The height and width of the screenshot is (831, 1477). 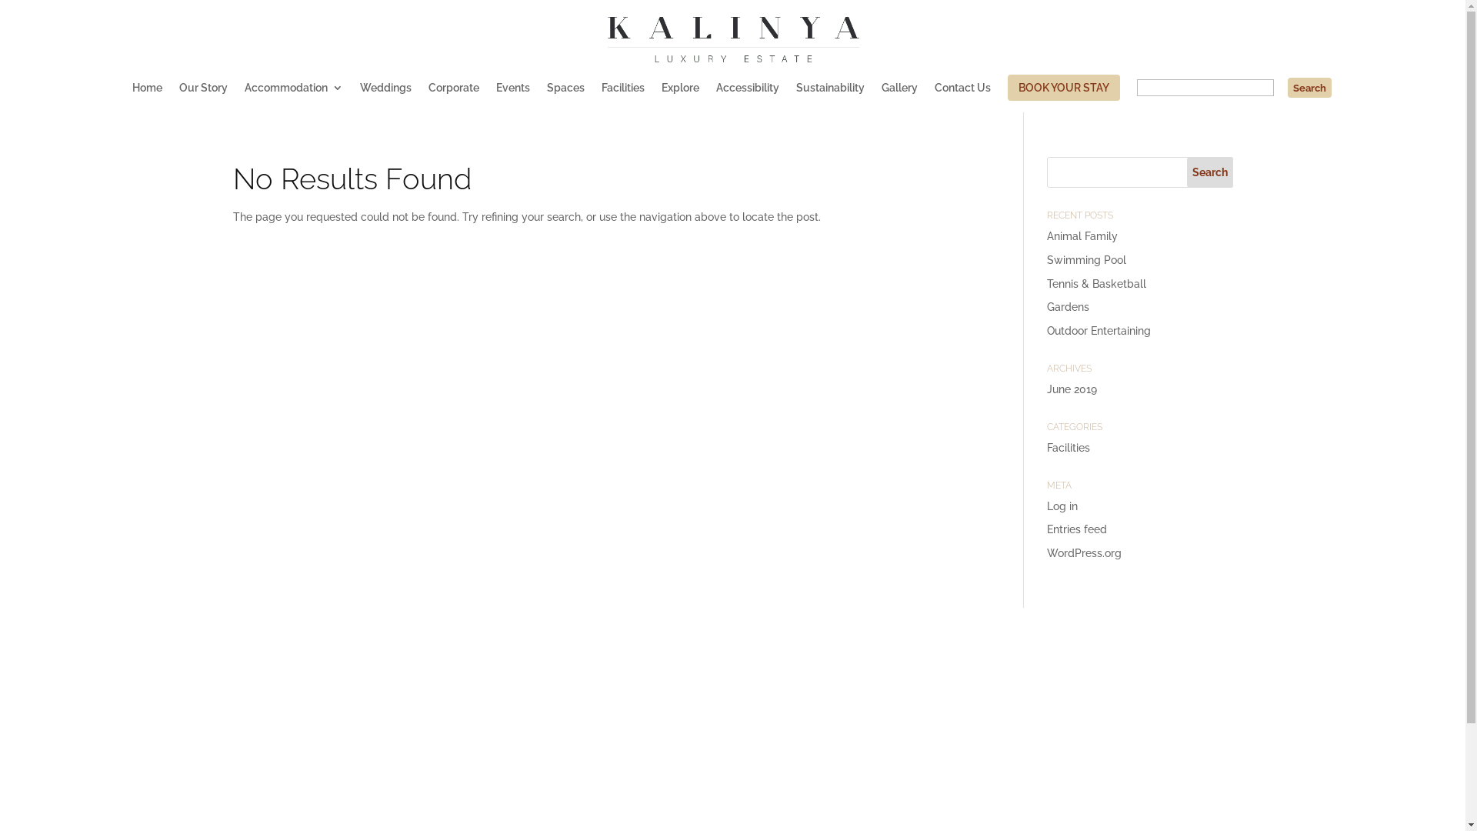 What do you see at coordinates (1046, 306) in the screenshot?
I see `'Gardens'` at bounding box center [1046, 306].